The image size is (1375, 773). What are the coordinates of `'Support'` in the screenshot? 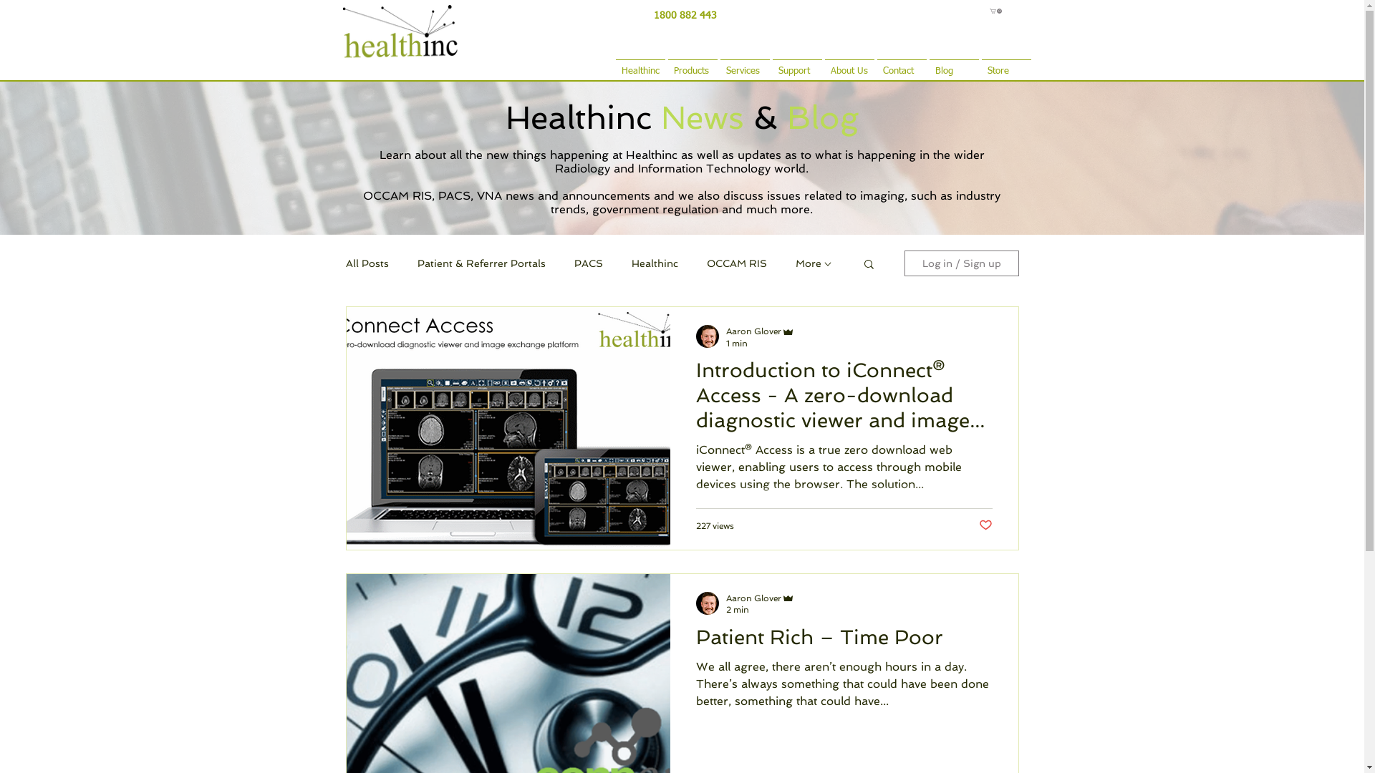 It's located at (796, 64).